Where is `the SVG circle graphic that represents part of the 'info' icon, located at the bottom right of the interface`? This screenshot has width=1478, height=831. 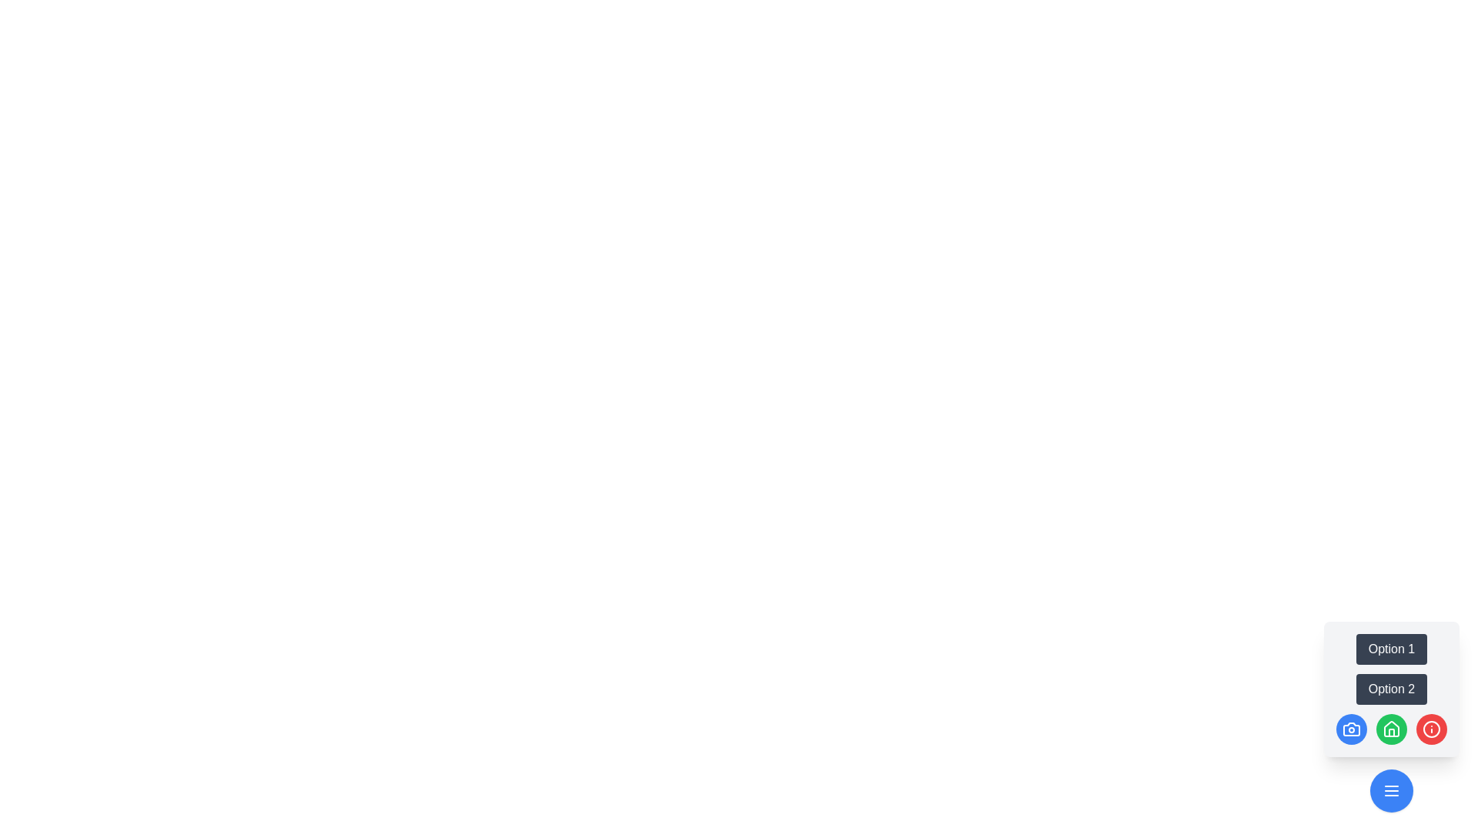 the SVG circle graphic that represents part of the 'info' icon, located at the bottom right of the interface is located at coordinates (1431, 729).